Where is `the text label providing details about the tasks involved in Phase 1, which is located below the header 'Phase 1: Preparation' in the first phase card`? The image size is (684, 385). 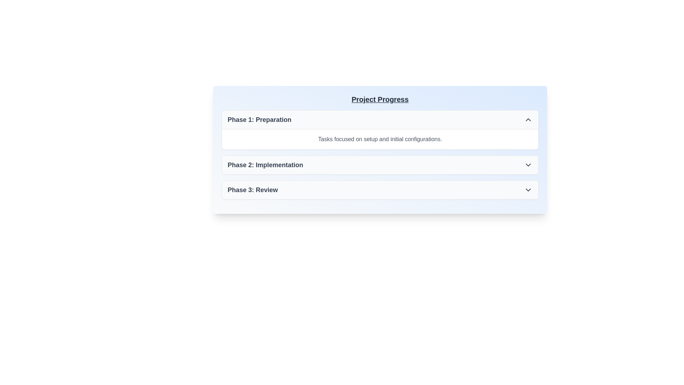 the text label providing details about the tasks involved in Phase 1, which is located below the header 'Phase 1: Preparation' in the first phase card is located at coordinates (379, 139).